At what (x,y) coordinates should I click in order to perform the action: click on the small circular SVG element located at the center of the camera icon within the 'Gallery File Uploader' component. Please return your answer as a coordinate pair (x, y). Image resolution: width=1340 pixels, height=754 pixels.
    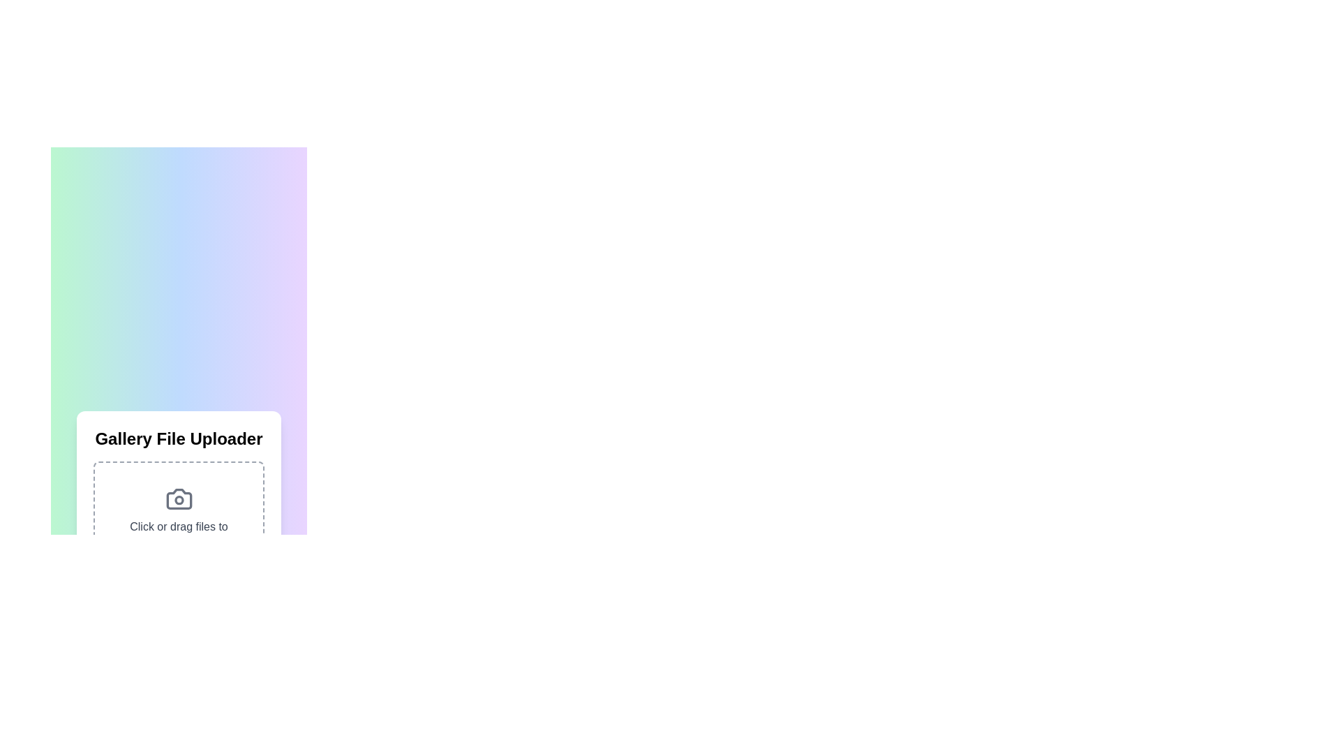
    Looking at the image, I should click on (178, 499).